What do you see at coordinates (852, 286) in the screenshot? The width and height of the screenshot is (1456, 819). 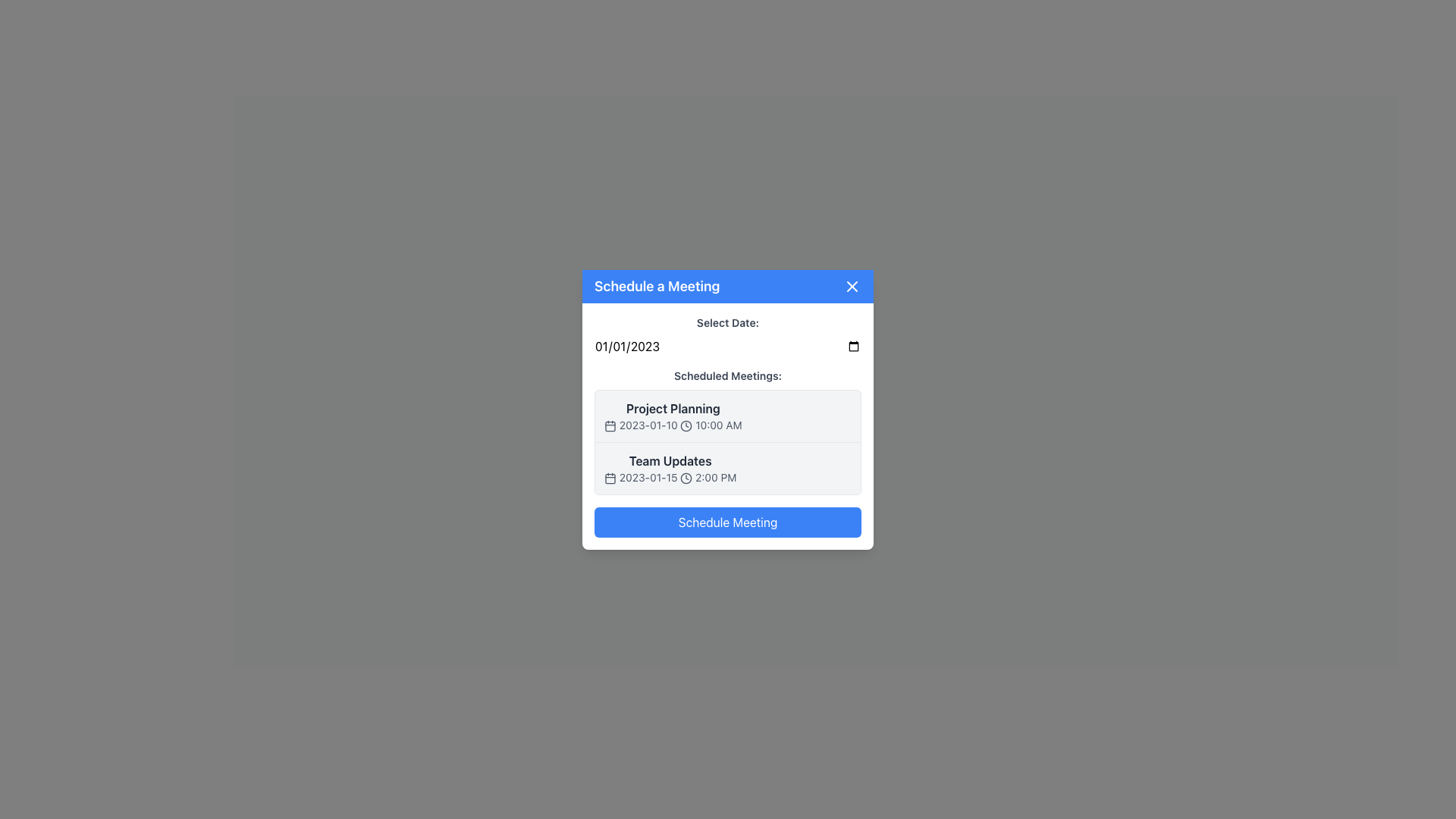 I see `the close button located in the top-right corner of the blue header bar of the modal titled 'Schedule a Meeting'` at bounding box center [852, 286].